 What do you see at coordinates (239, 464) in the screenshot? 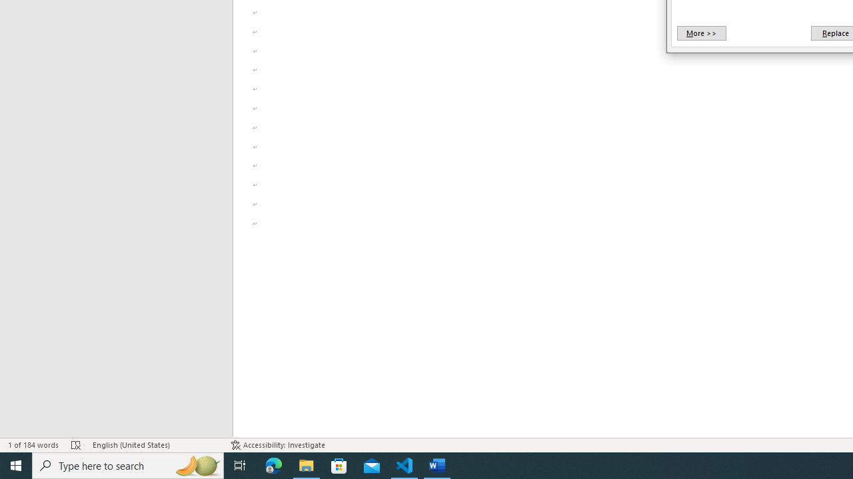
I see `'Task View'` at bounding box center [239, 464].